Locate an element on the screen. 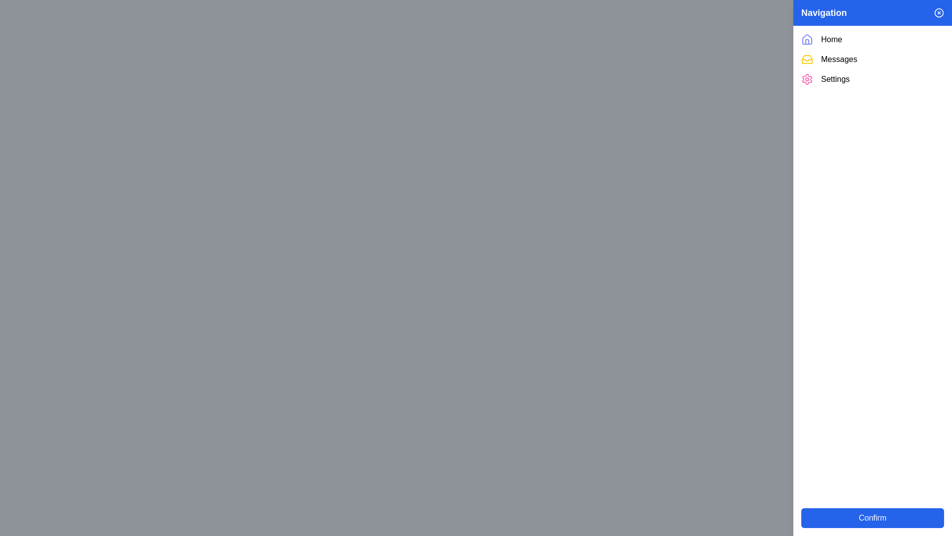 This screenshot has height=536, width=952. the house-shaped icon outlined in indigo blue, which is the first graphical icon in the vertical navigation menu labeled 'Home' is located at coordinates (807, 39).